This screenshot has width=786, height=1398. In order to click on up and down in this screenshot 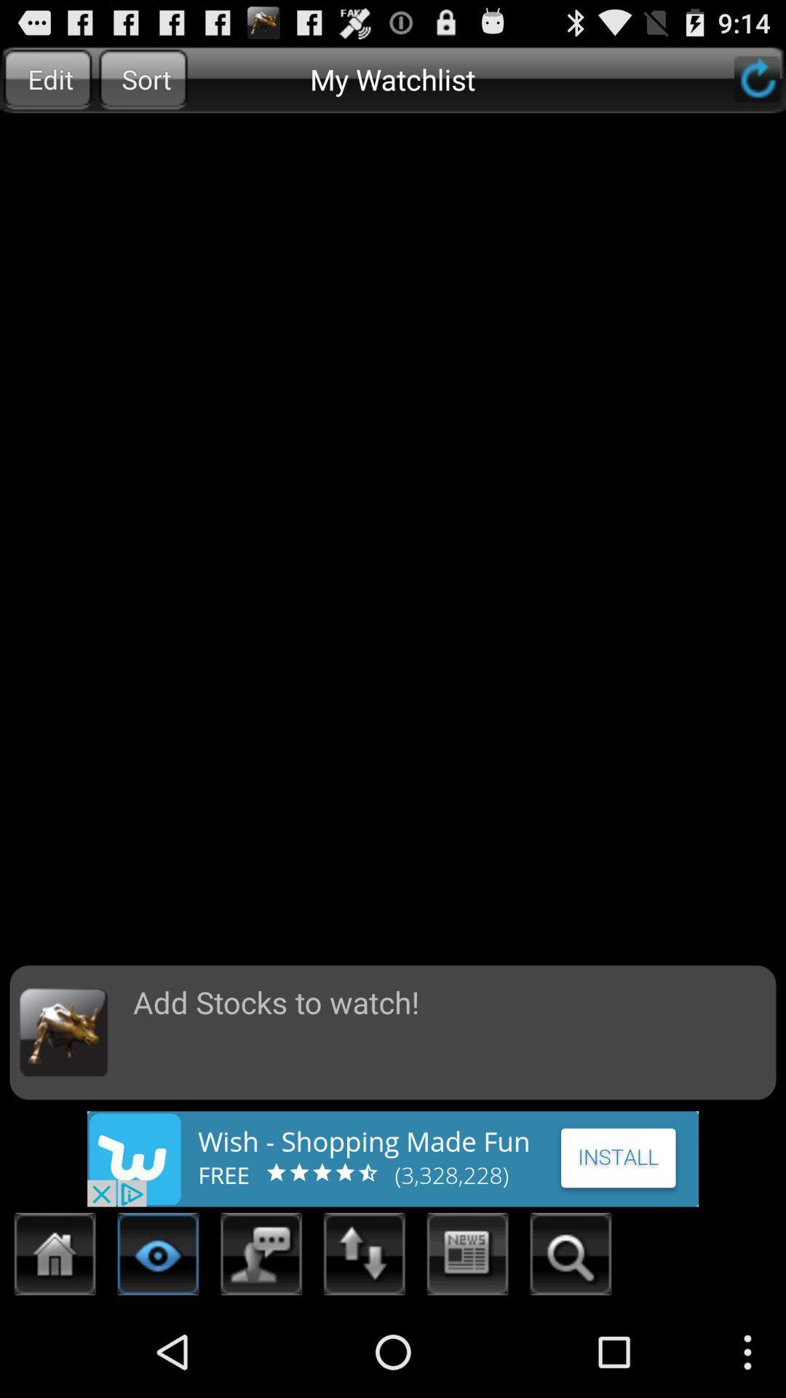, I will do `click(364, 1257)`.